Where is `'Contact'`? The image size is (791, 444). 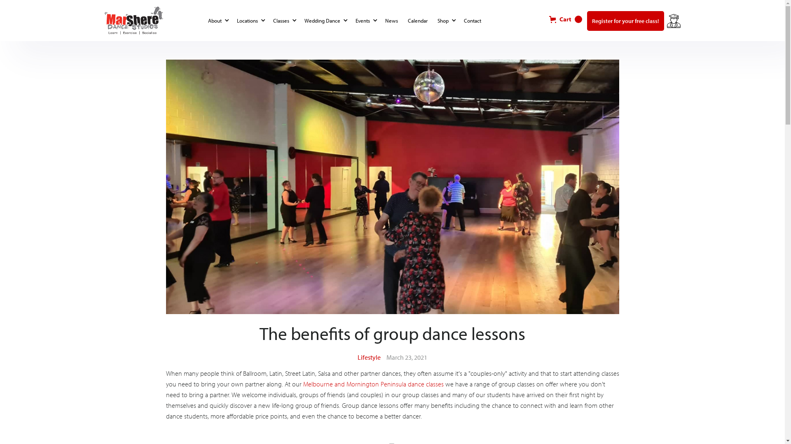
'Contact' is located at coordinates (474, 20).